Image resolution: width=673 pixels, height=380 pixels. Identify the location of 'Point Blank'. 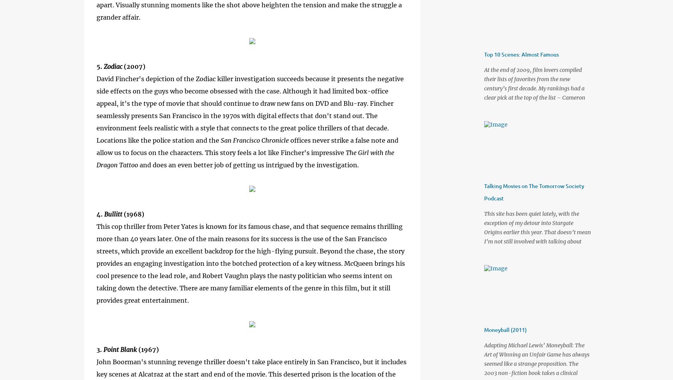
(103, 349).